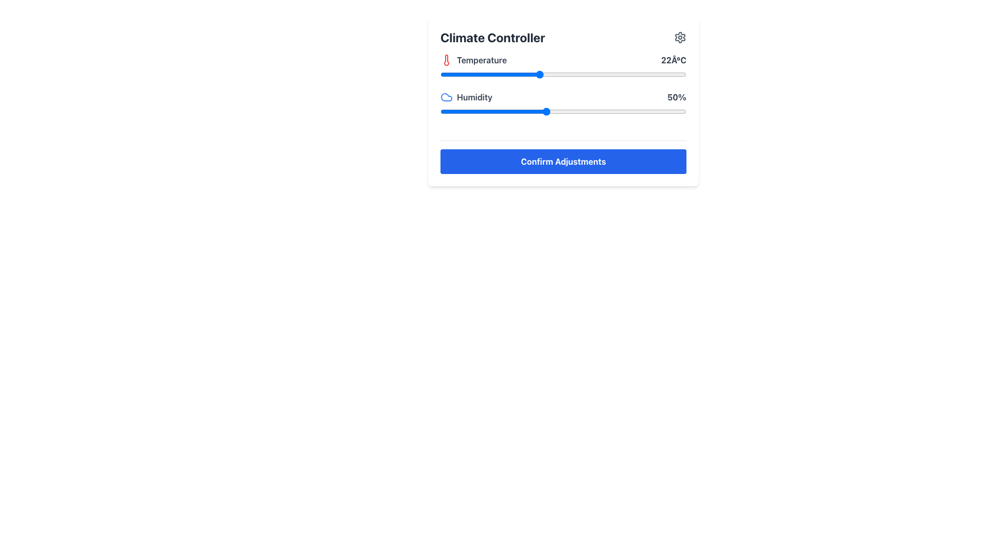  I want to click on humidity, so click(598, 111).